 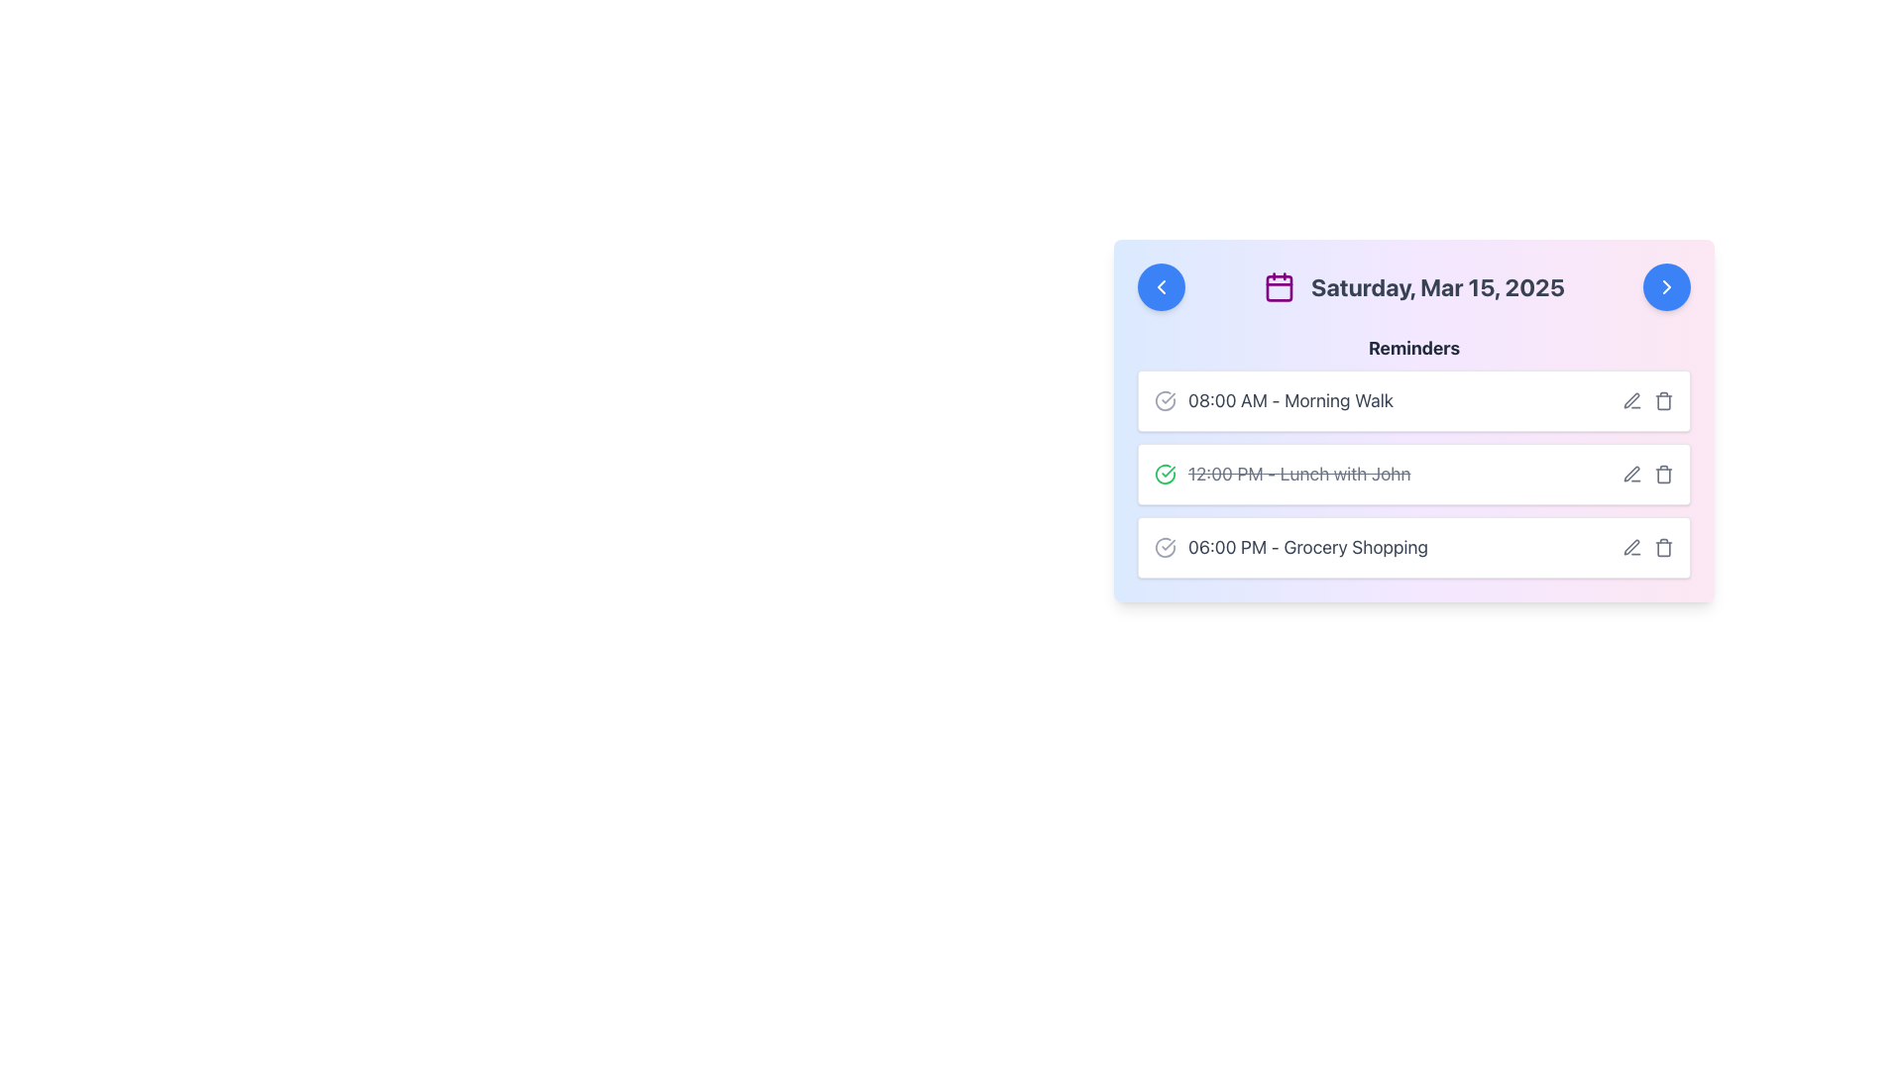 I want to click on the Text Label displaying the completed reminder task '12:00 PM - Lunch with John', which is visually indicated with a strikethrough style and is located in the second row of the reminders list, so click(x=1283, y=474).